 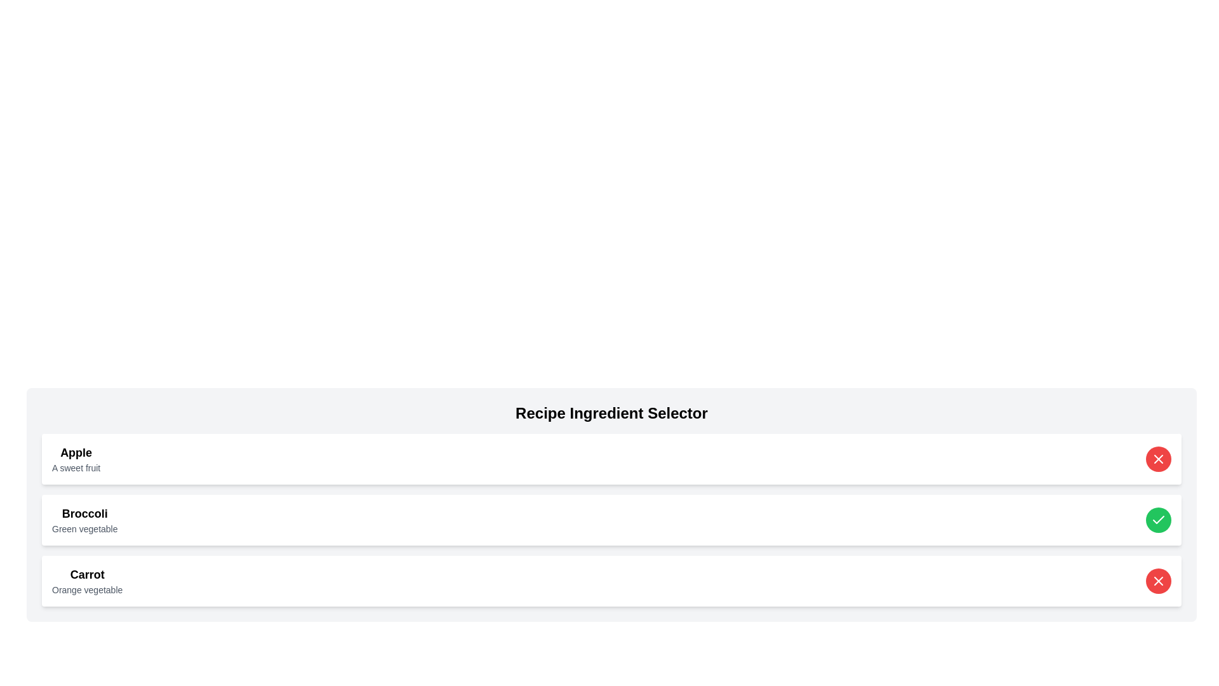 I want to click on the text label that describes the category of the item labeled 'Broccoli', which is located immediately below the 'Broccoli' text label and above 'Carrot', so click(x=84, y=529).